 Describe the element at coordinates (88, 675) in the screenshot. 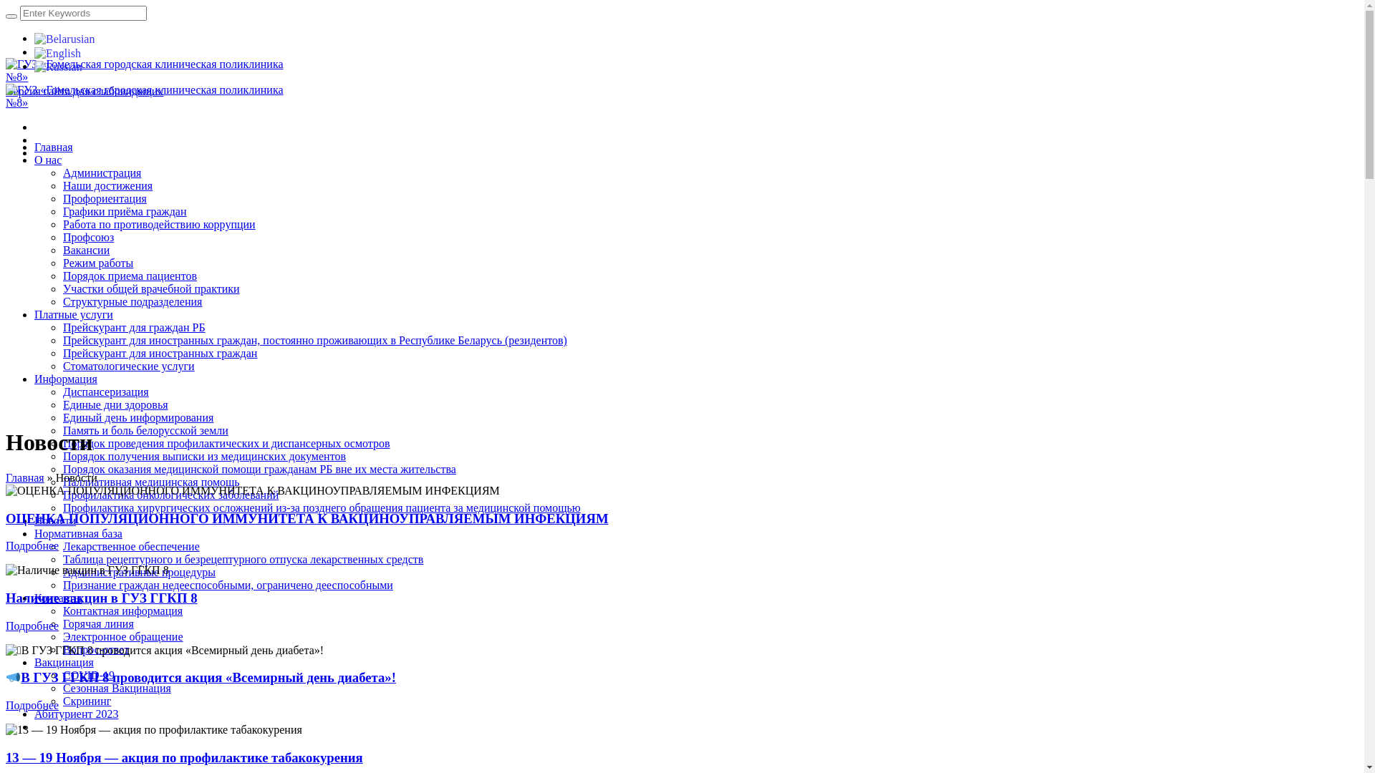

I see `'COVID-19'` at that location.